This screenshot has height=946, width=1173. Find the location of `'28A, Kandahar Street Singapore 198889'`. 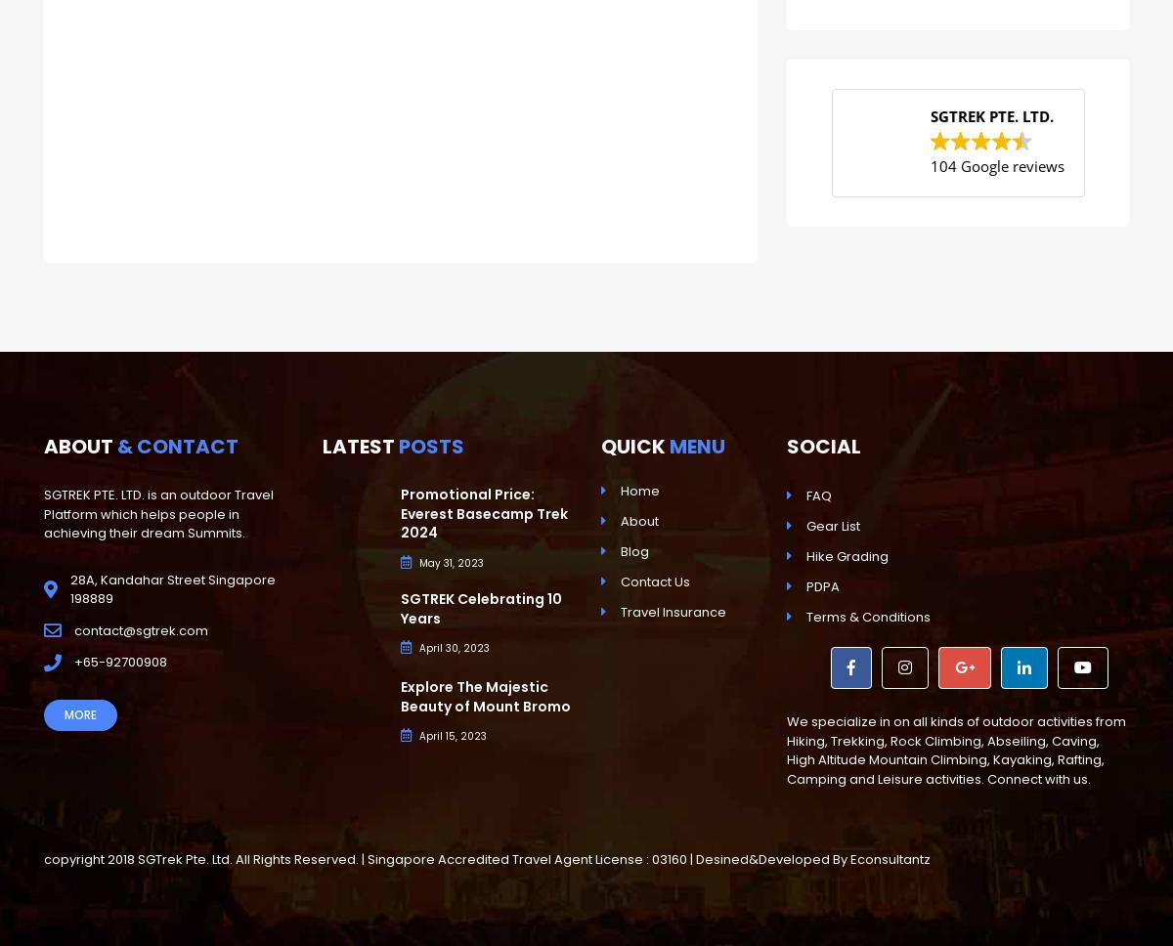

'28A, Kandahar Street Singapore 198889' is located at coordinates (70, 588).